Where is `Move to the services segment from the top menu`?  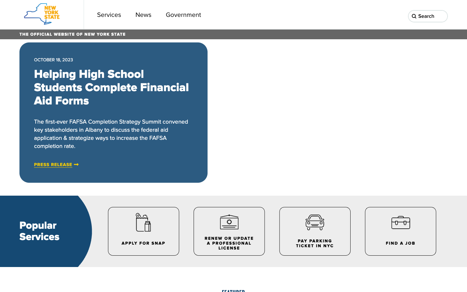 Move to the services segment from the top menu is located at coordinates (109, 14).